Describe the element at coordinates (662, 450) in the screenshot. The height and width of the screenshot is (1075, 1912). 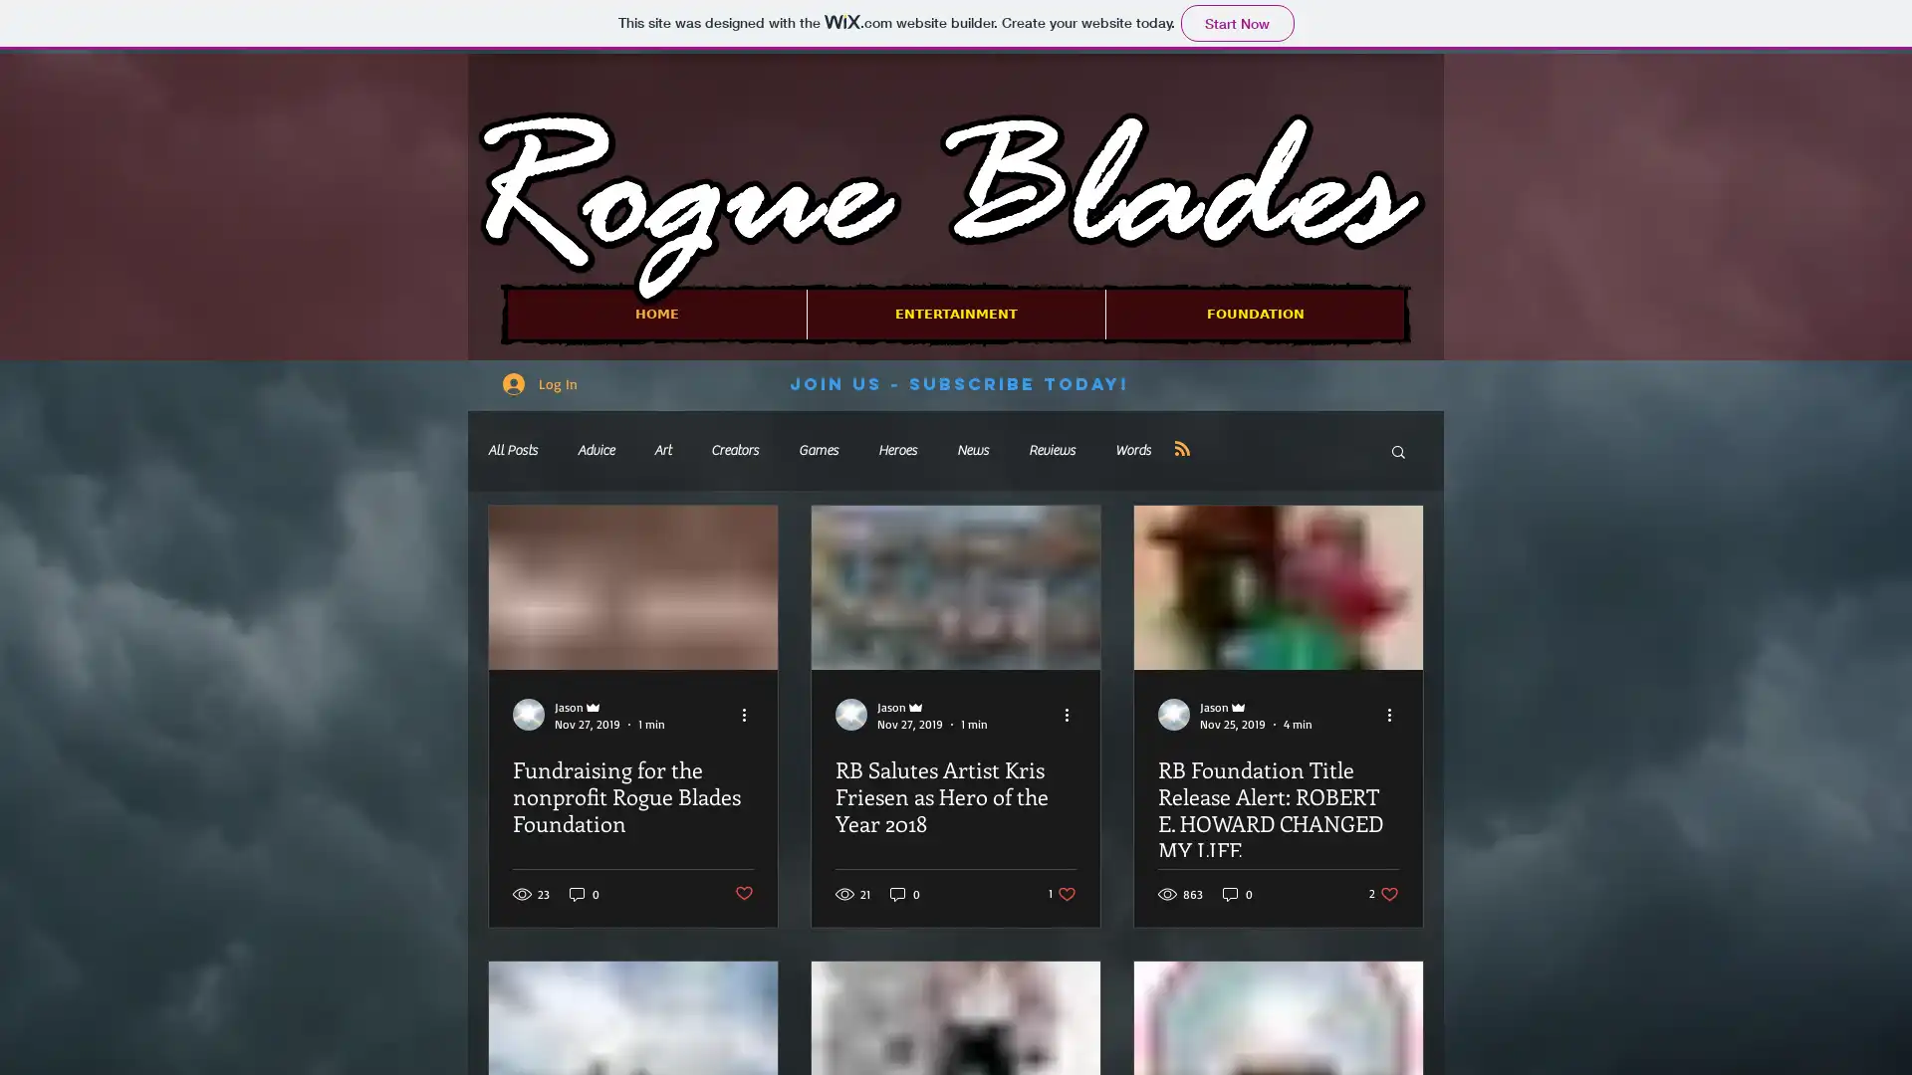
I see `Art` at that location.